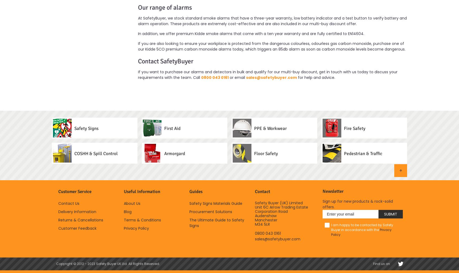 The height and width of the screenshot is (273, 459). I want to click on 'Safety Signs Materials Guide', so click(216, 203).